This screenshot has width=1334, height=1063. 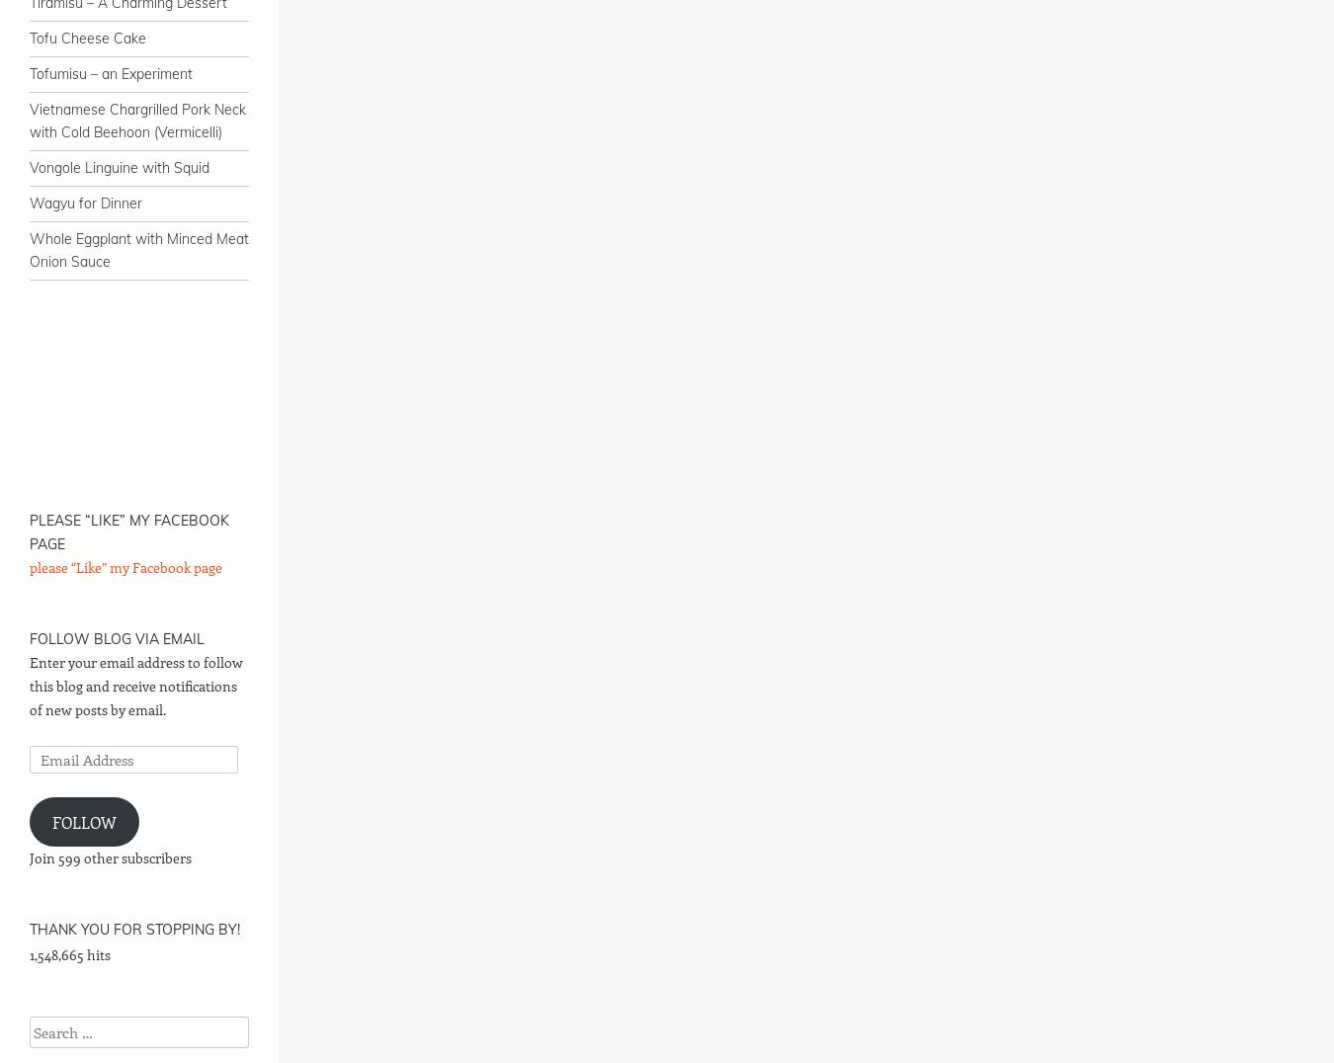 What do you see at coordinates (110, 73) in the screenshot?
I see `'Tofumisu – an Experiment'` at bounding box center [110, 73].